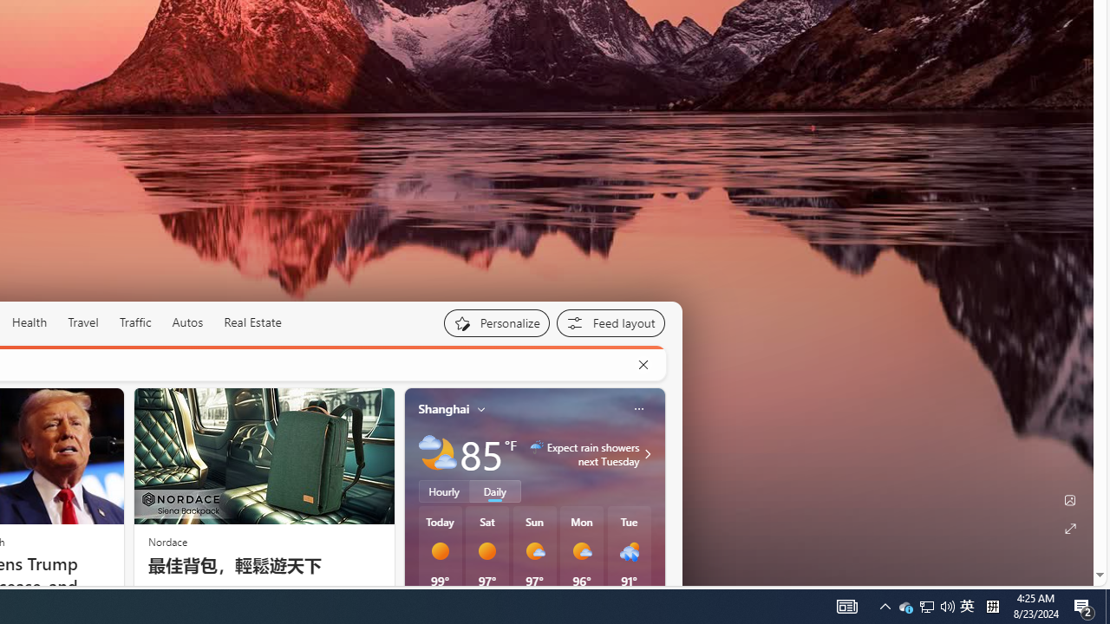 The height and width of the screenshot is (624, 1110). I want to click on 'Autos', so click(187, 322).